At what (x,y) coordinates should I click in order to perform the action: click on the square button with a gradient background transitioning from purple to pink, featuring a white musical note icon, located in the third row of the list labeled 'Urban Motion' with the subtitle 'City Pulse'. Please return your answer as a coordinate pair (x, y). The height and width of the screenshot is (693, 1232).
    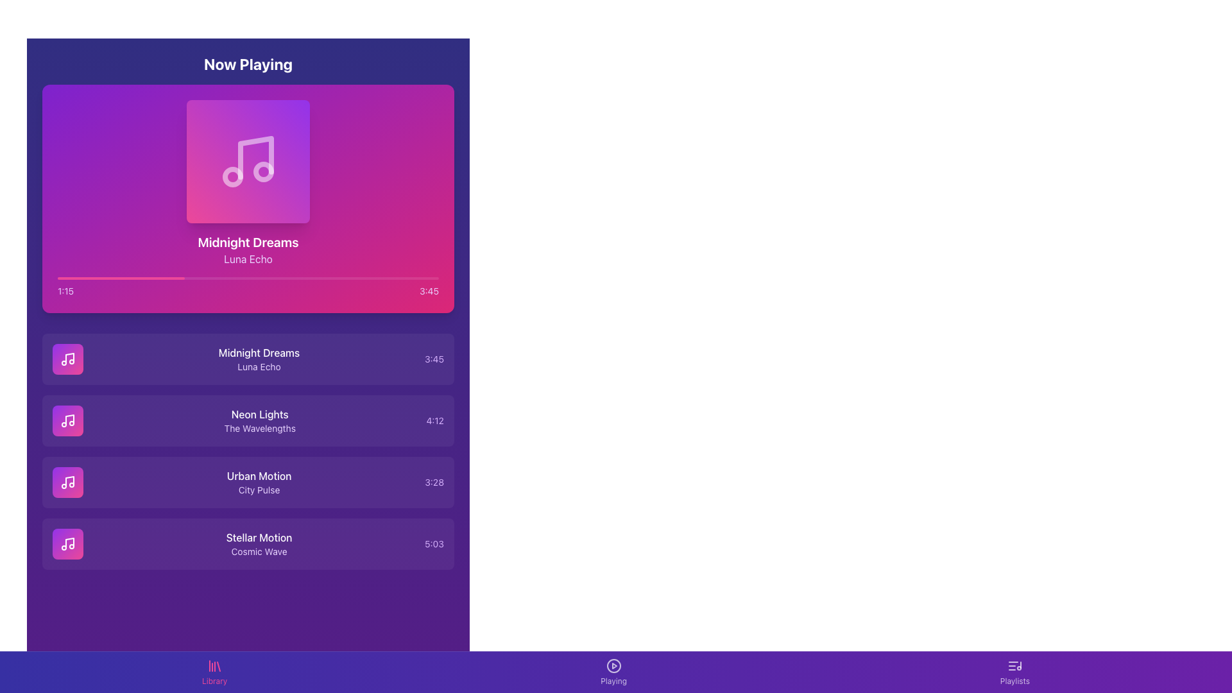
    Looking at the image, I should click on (67, 483).